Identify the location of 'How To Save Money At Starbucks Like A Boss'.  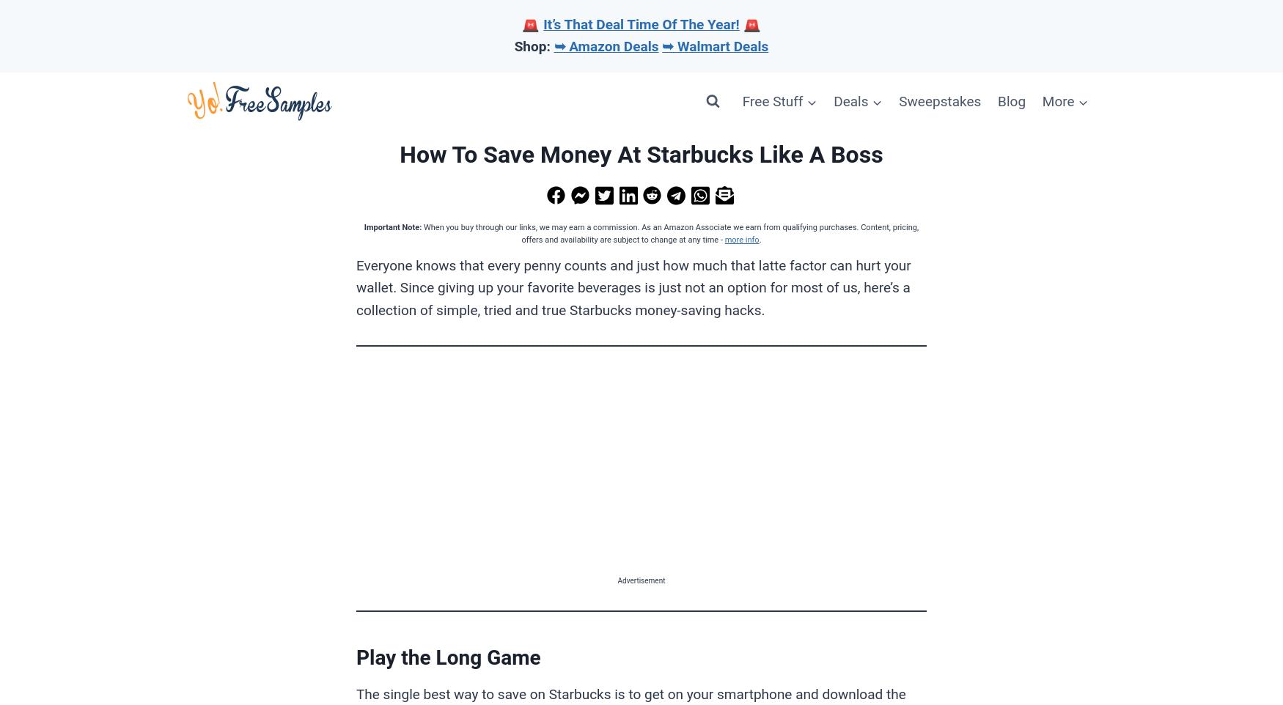
(641, 153).